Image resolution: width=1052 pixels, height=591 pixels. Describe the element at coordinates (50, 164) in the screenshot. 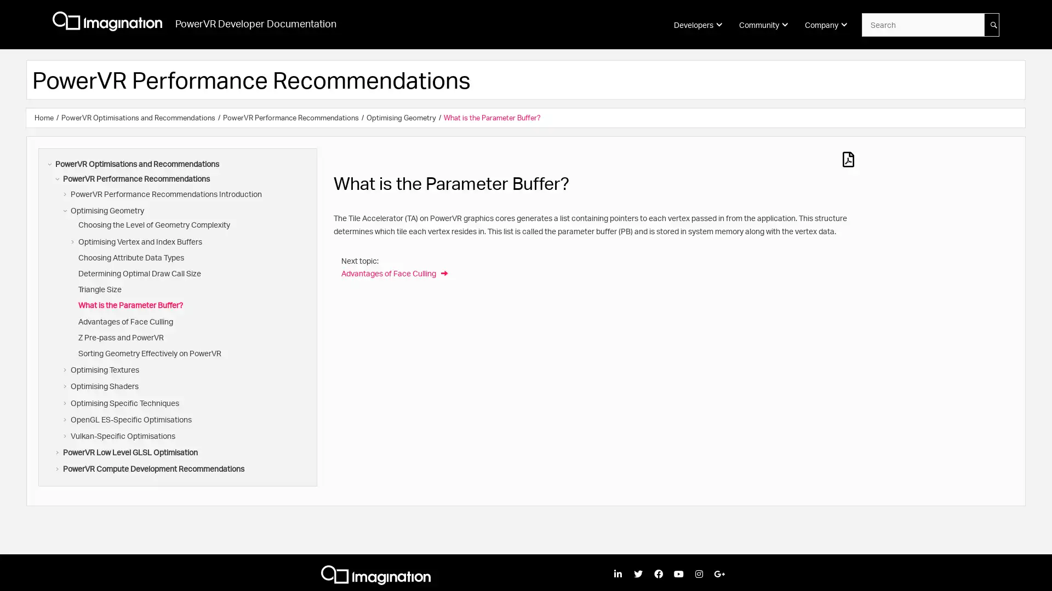

I see `Collapse PowerVR Optimisations and Recommendations` at that location.